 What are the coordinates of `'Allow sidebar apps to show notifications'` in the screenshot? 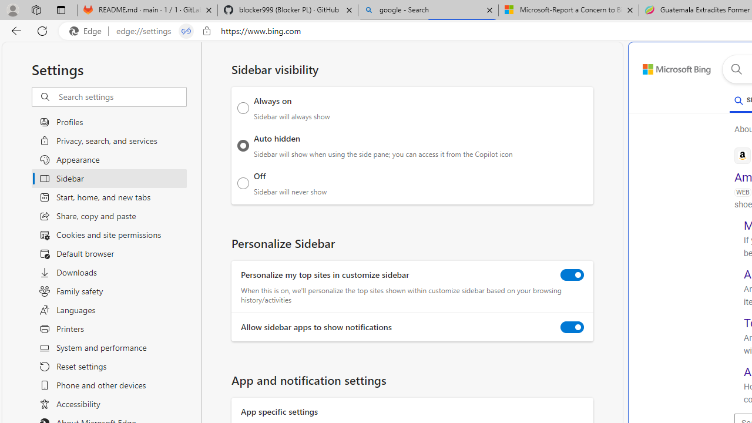 It's located at (572, 327).